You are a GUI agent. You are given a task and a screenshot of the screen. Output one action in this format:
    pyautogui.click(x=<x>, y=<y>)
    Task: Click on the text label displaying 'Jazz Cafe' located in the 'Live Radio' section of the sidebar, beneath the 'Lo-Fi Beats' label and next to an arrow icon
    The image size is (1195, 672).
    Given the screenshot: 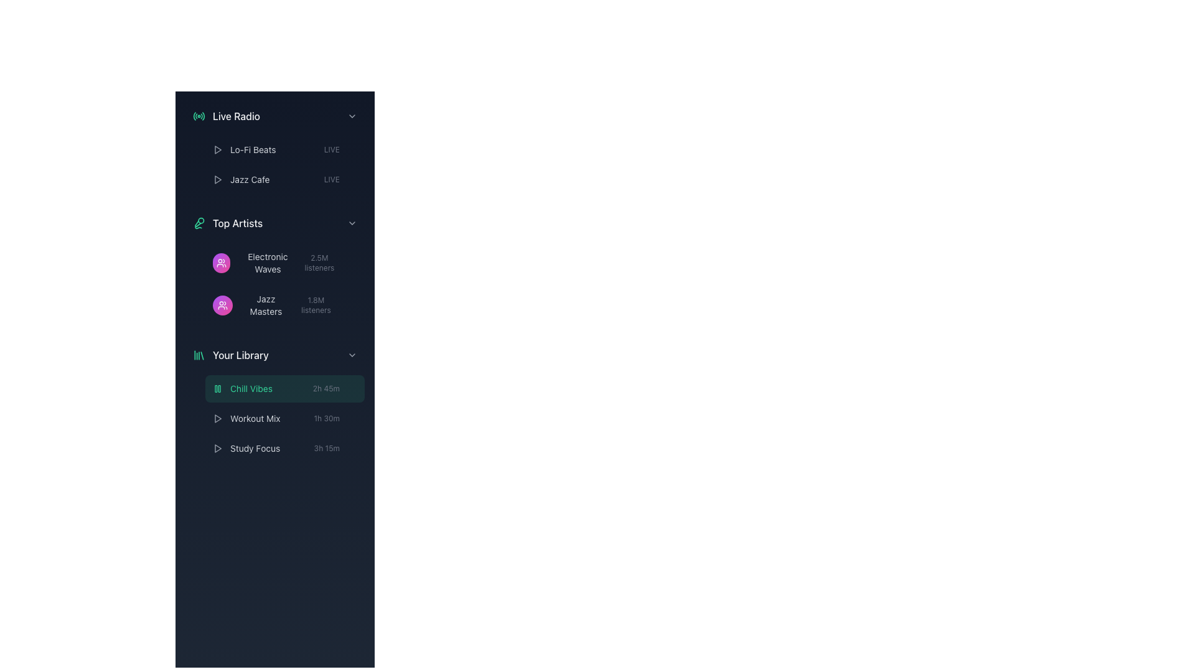 What is the action you would take?
    pyautogui.click(x=241, y=180)
    